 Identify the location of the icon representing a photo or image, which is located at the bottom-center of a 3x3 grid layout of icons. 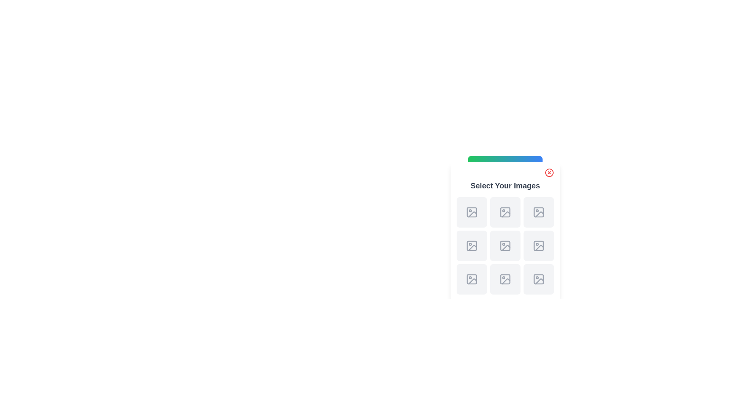
(505, 279).